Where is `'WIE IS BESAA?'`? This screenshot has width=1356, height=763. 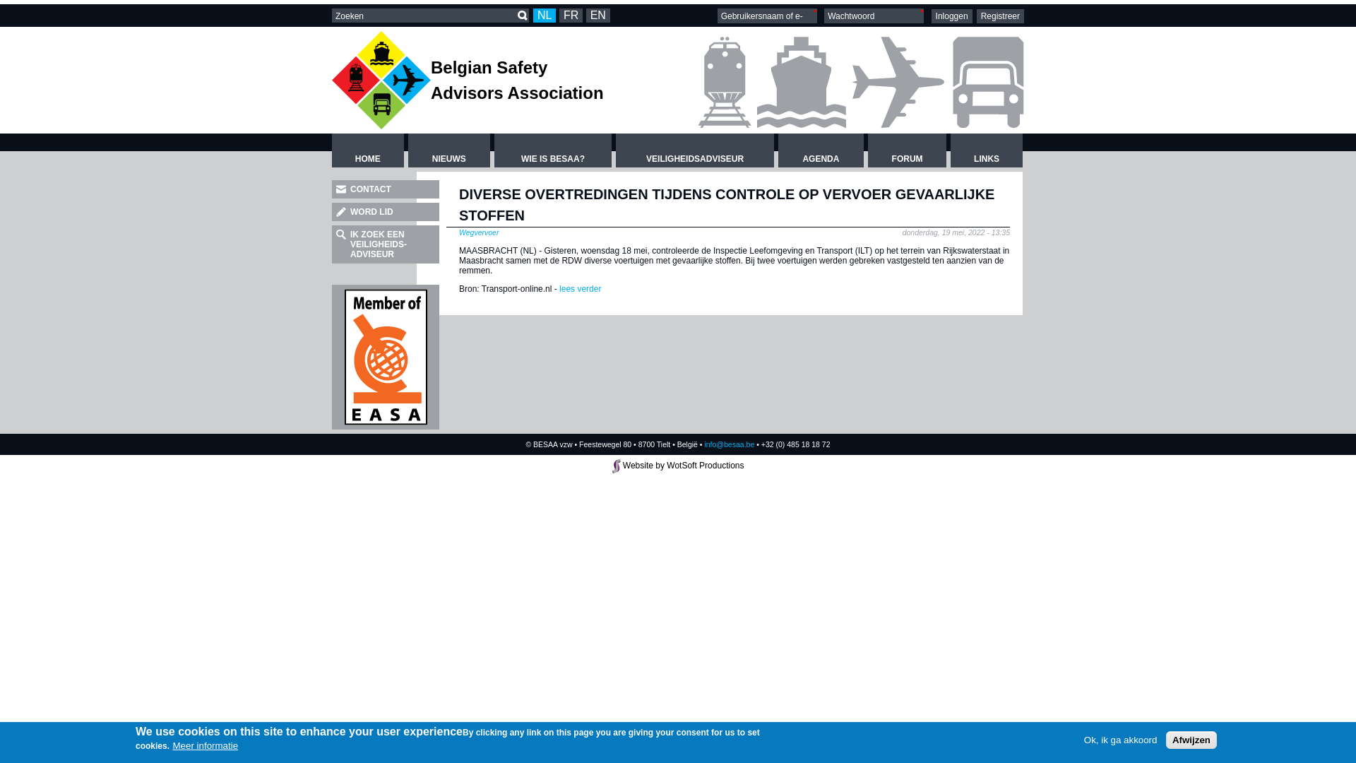
'WIE IS BESAA?' is located at coordinates (552, 150).